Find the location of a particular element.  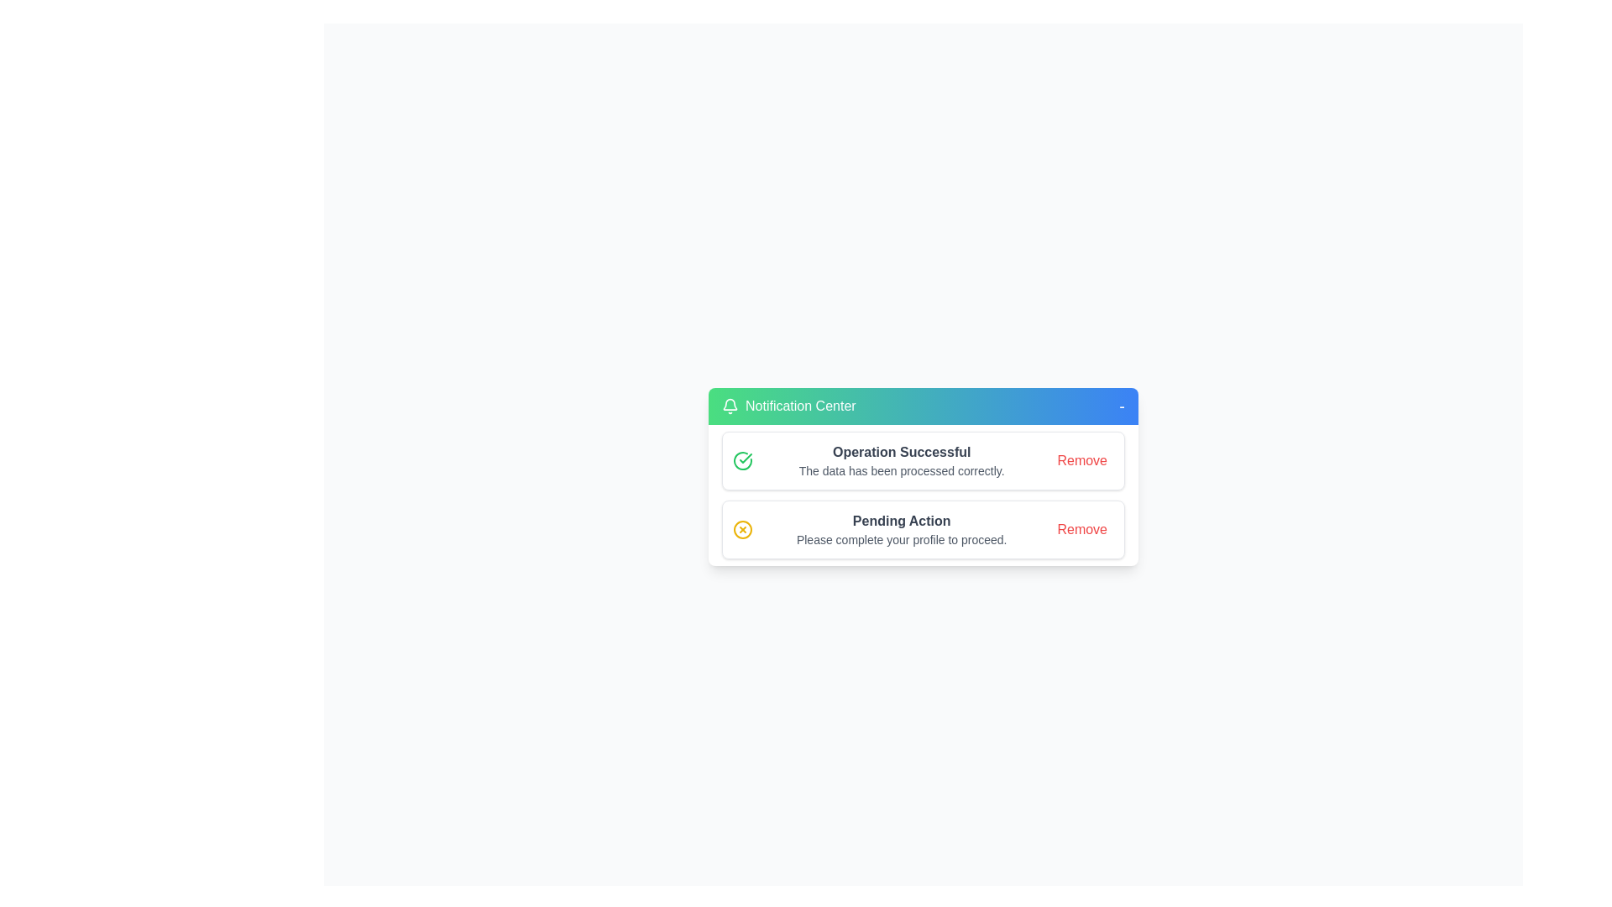

the warning icon in the second notification box, which is aligned to the left of the text 'Pending Action' is located at coordinates (741, 530).